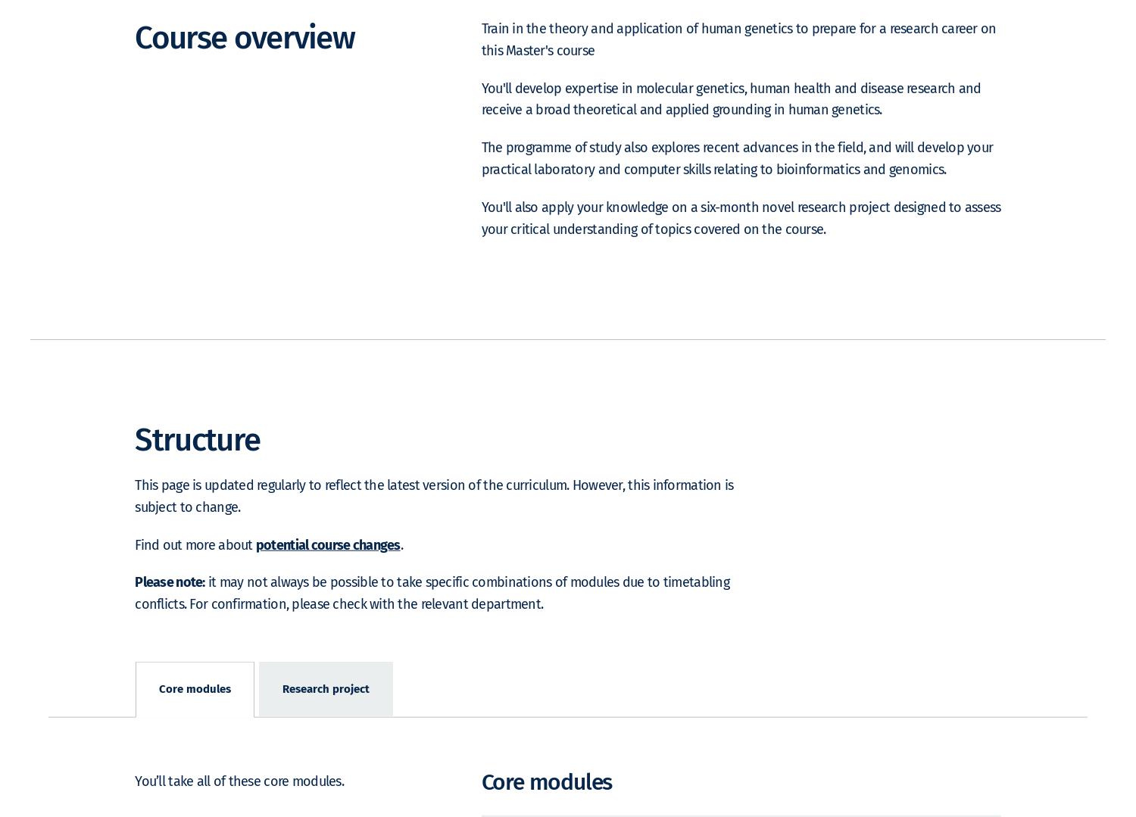 The image size is (1136, 817). Describe the element at coordinates (729, 120) in the screenshot. I see `'You'll develop expertise in molecular genetics, human health and disease research and receive a broad theoretical and applied grounding in human genetics.'` at that location.